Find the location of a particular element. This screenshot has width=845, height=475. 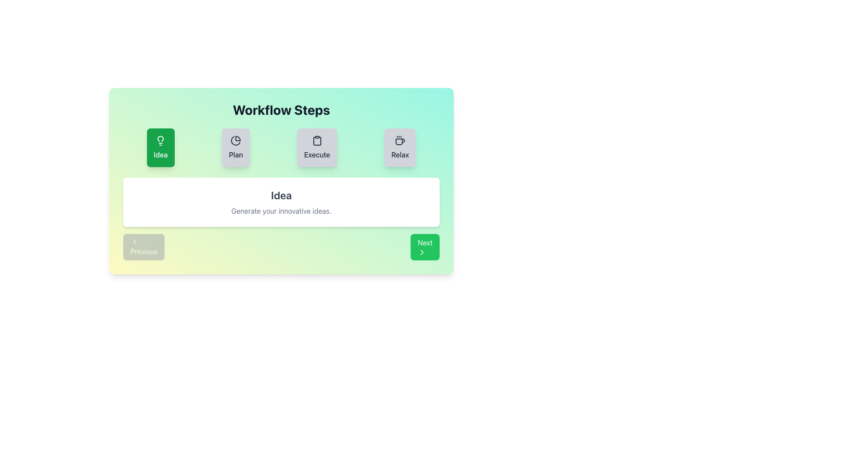

the 'Relax' button, which is the fourth button in a row of four buttons labeled 'Idea', 'Plan', 'Execute', and 'Relax' is located at coordinates (400, 147).